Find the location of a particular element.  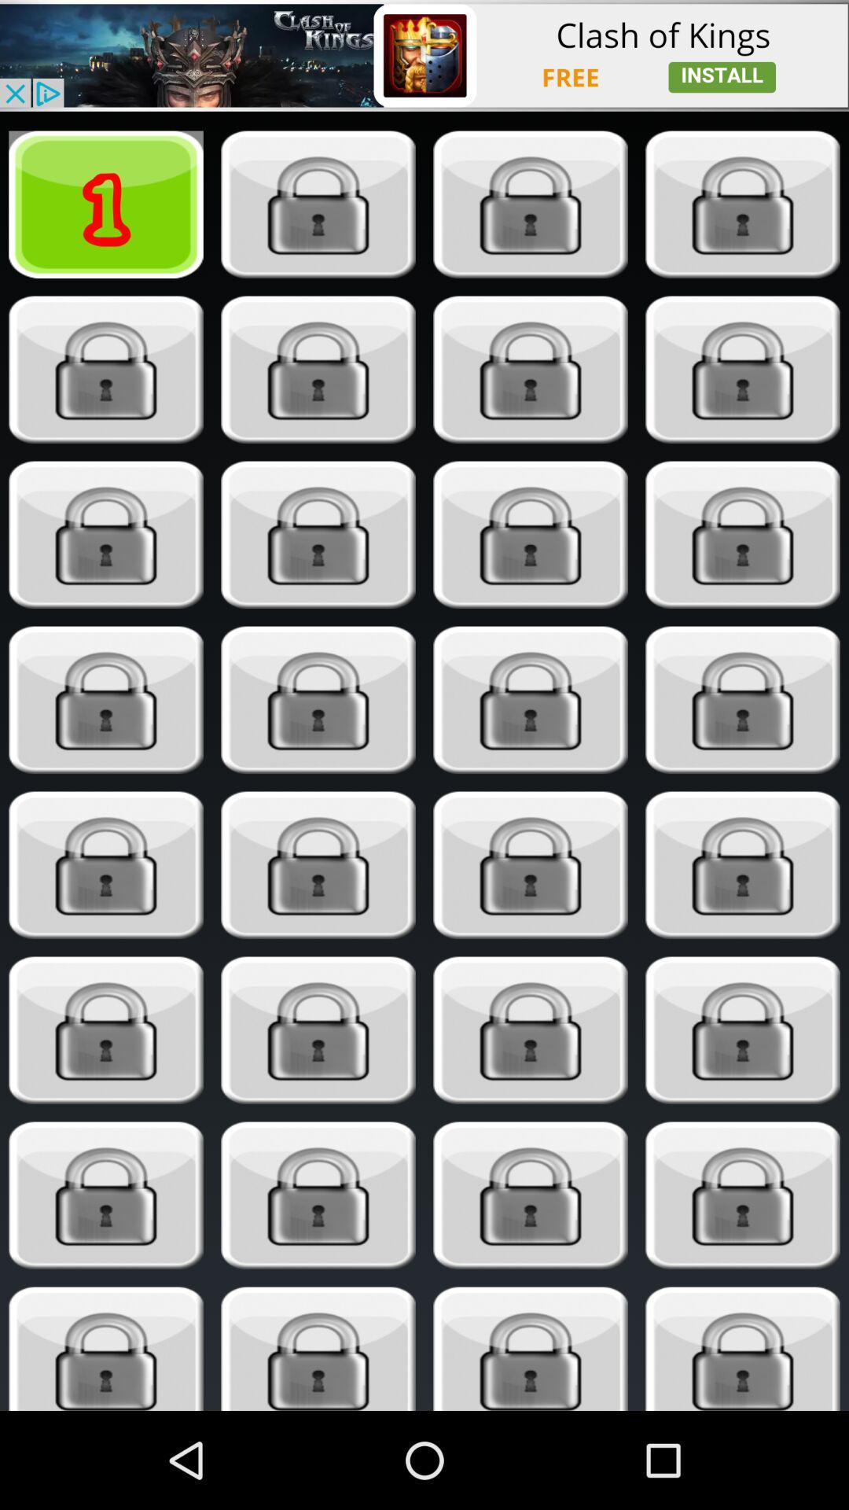

level locked is located at coordinates (743, 699).